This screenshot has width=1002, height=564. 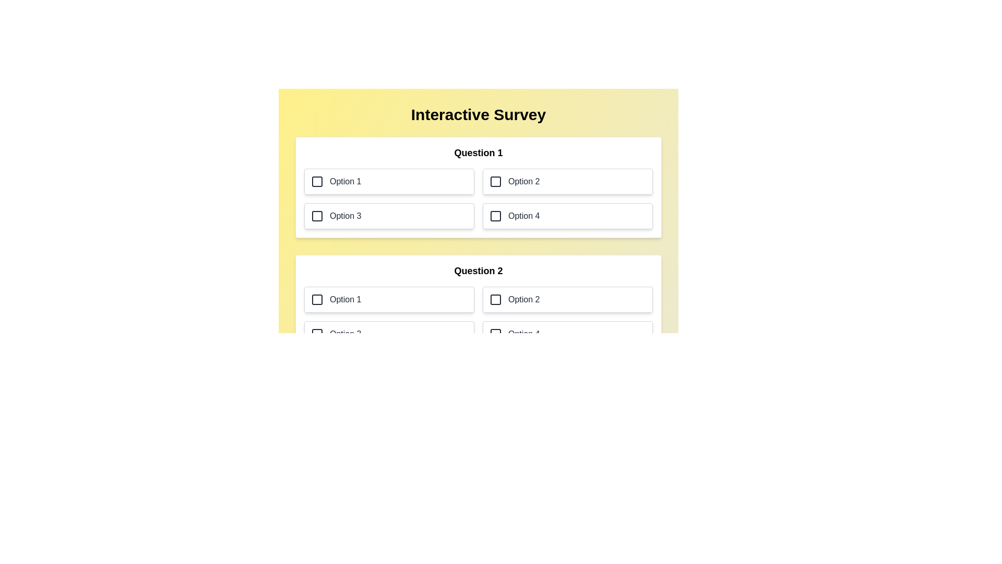 I want to click on the option 2 for question 1, so click(x=567, y=181).